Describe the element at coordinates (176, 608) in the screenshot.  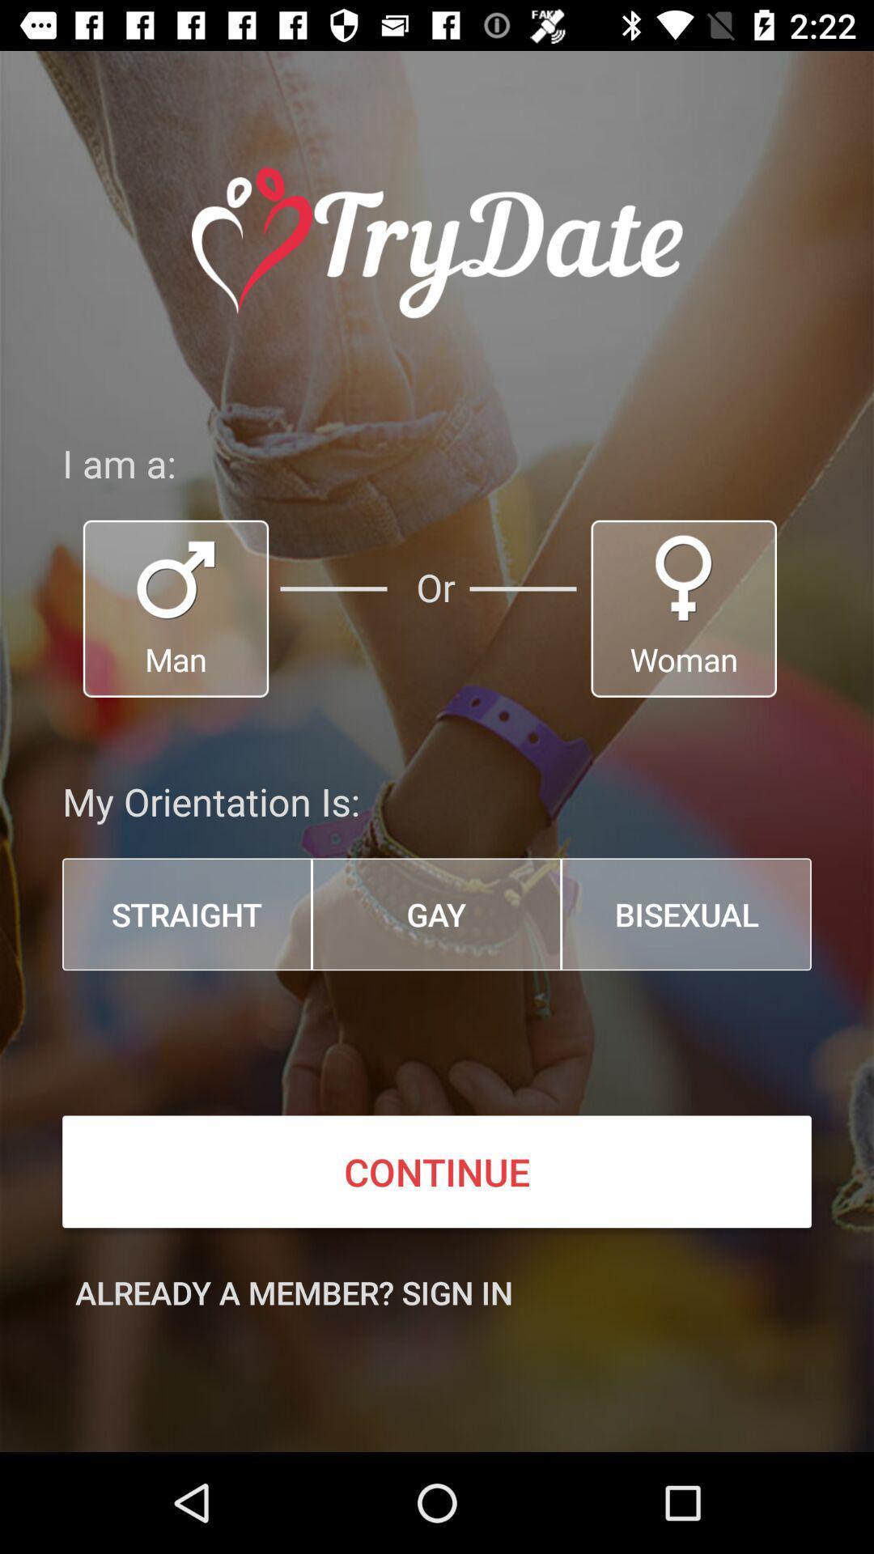
I see `gender` at that location.